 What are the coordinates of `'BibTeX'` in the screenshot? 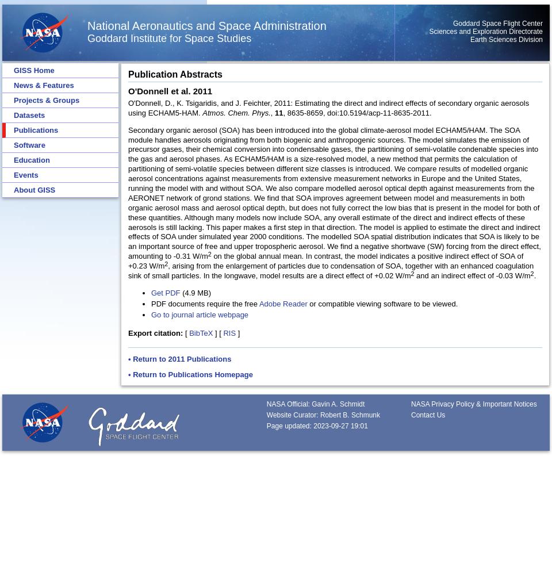 It's located at (201, 332).